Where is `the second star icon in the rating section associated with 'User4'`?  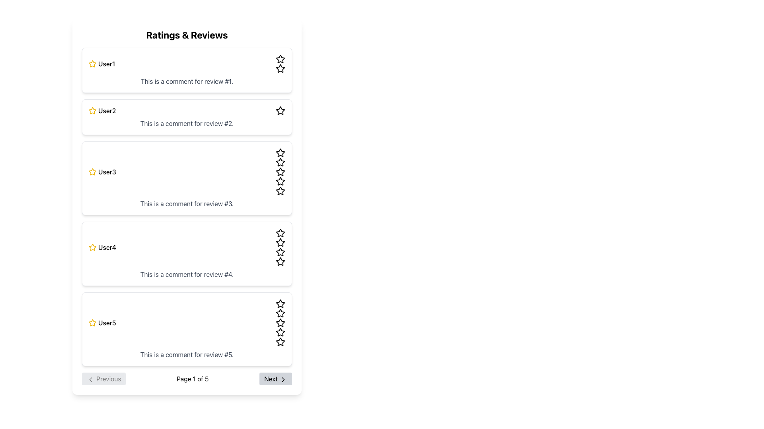
the second star icon in the rating section associated with 'User4' is located at coordinates (281, 252).